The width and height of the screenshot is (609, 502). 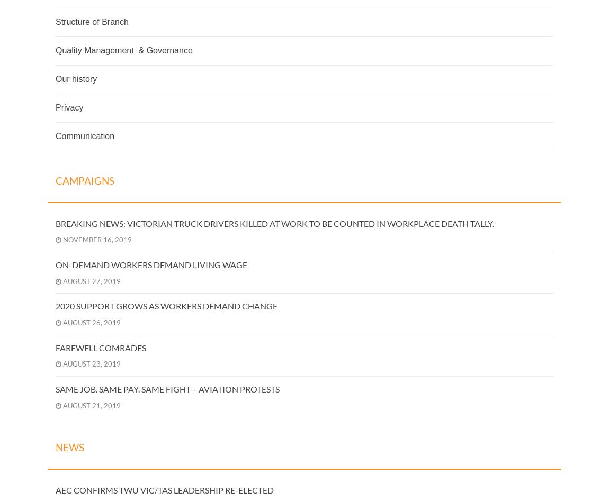 What do you see at coordinates (166, 305) in the screenshot?
I see `'2020 SUPPORT GROWS AS WORKERS DEMAND CHANGE'` at bounding box center [166, 305].